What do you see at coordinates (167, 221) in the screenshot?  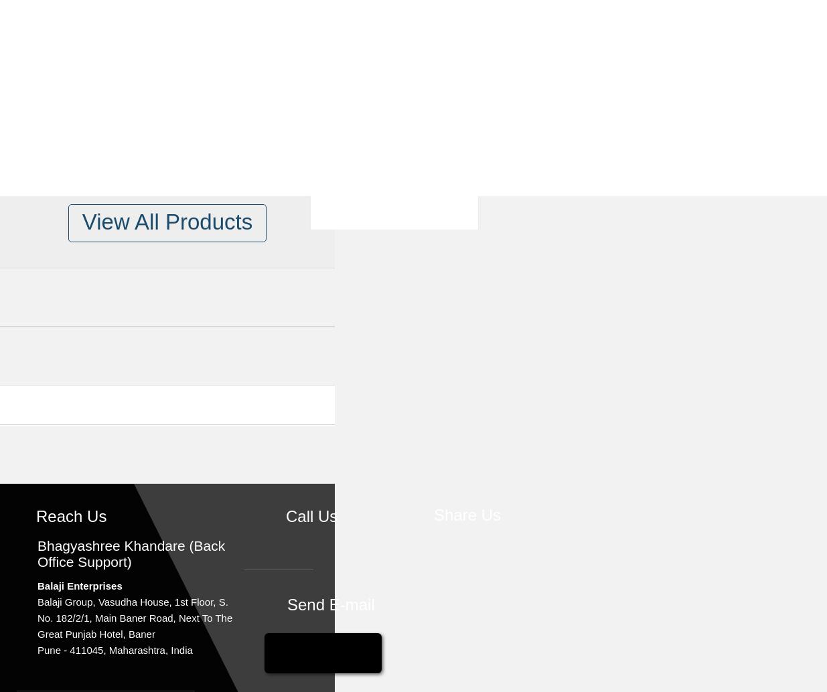 I see `'View All Products'` at bounding box center [167, 221].